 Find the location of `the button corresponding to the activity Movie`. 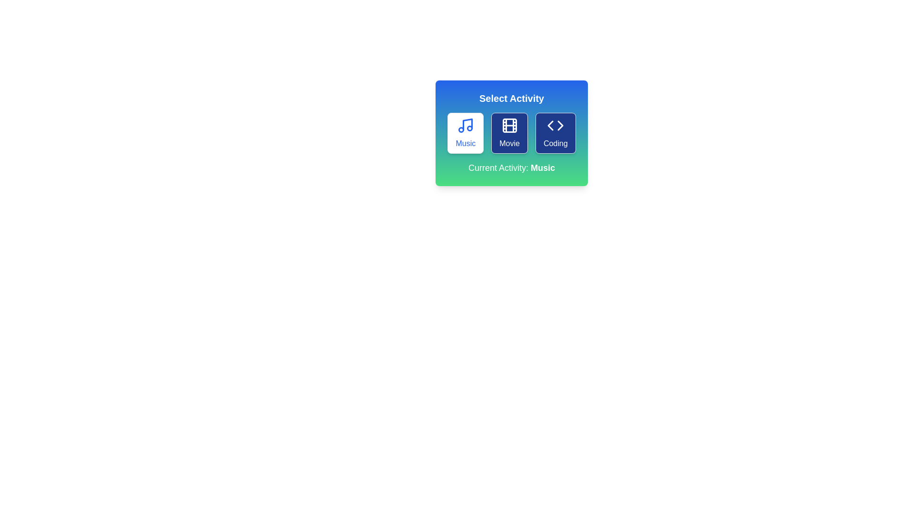

the button corresponding to the activity Movie is located at coordinates (509, 133).